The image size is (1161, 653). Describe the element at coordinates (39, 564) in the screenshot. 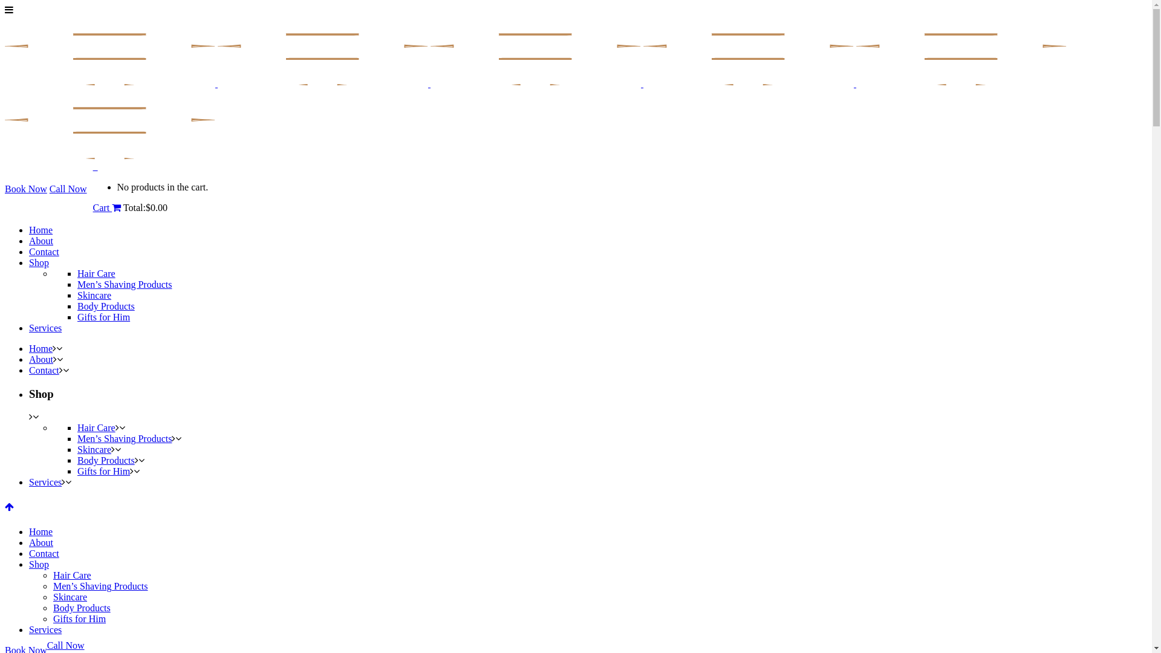

I see `'Shop'` at that location.